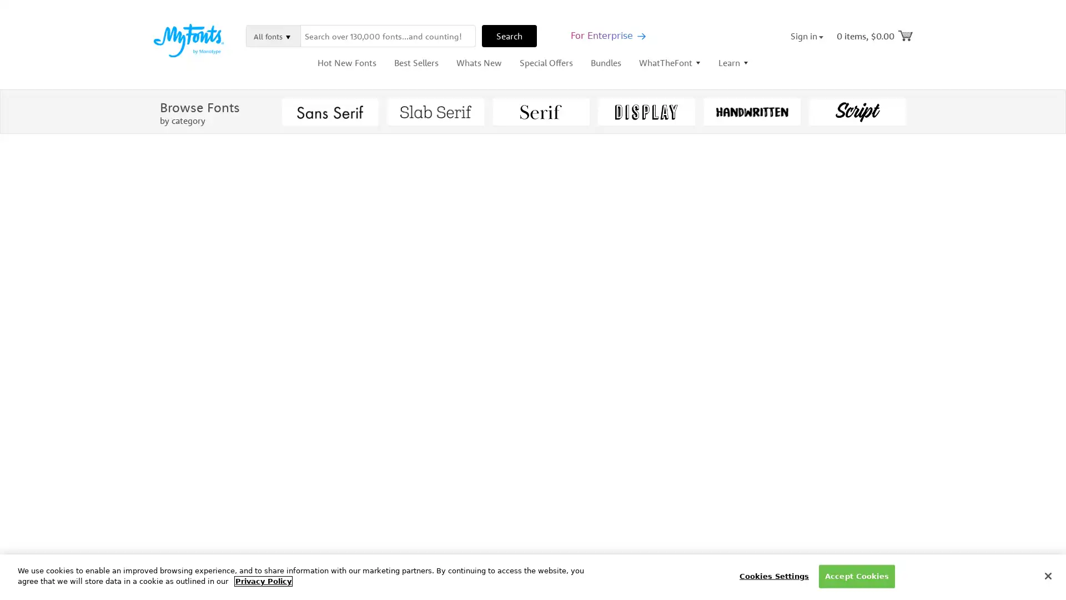 This screenshot has height=600, width=1066. What do you see at coordinates (673, 338) in the screenshot?
I see `Select Color` at bounding box center [673, 338].